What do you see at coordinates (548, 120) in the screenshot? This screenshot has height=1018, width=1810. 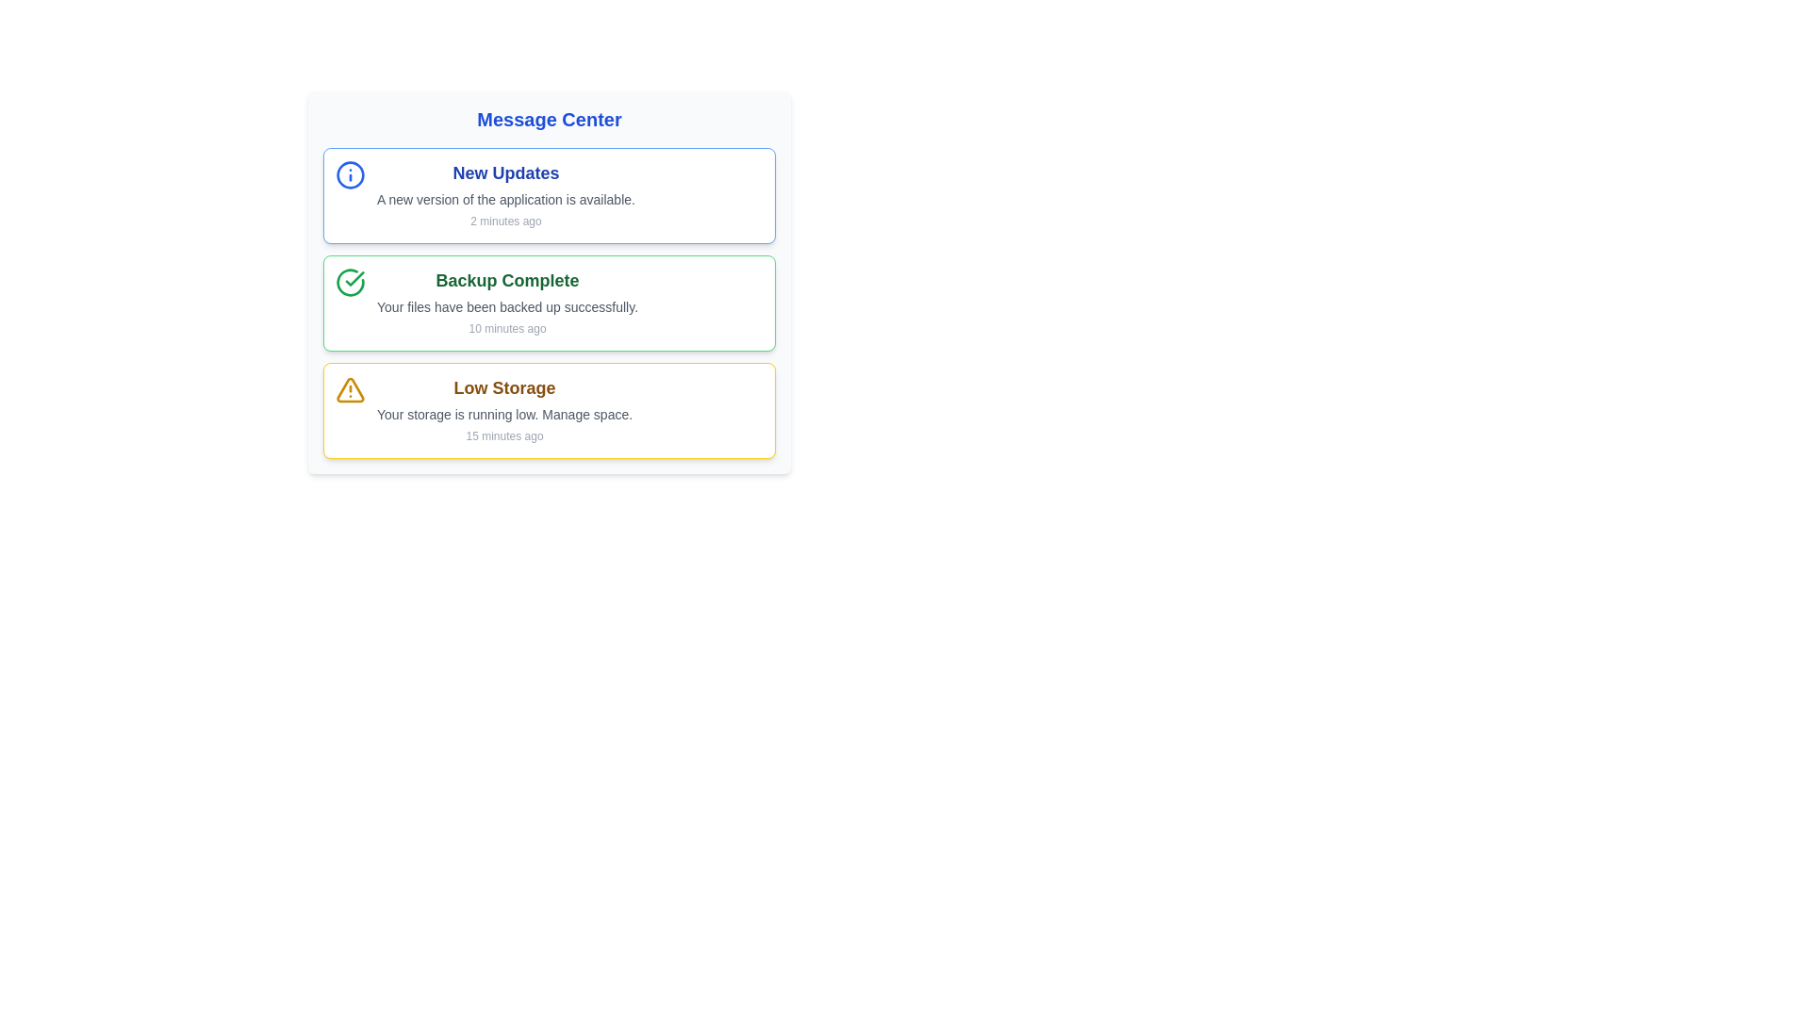 I see `the 'Message Center' text element, which is styled in large, bold, blue-colored font and positioned at the top of a card-like component` at bounding box center [548, 120].